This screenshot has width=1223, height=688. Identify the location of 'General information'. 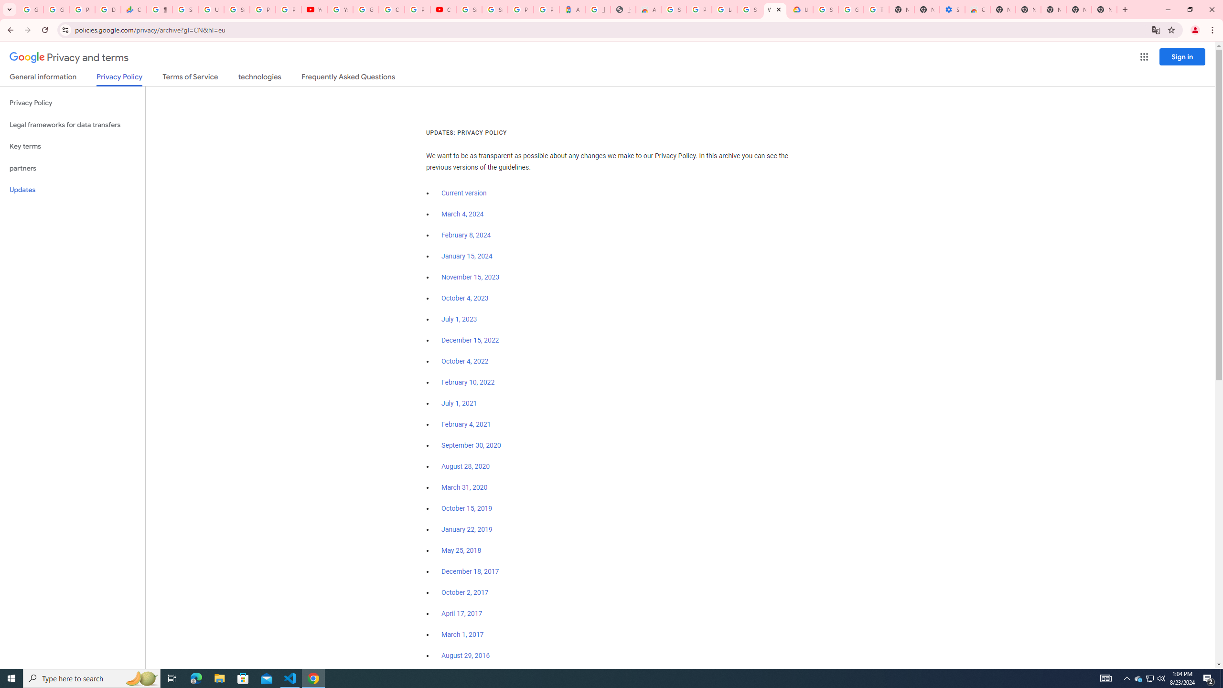
(43, 78).